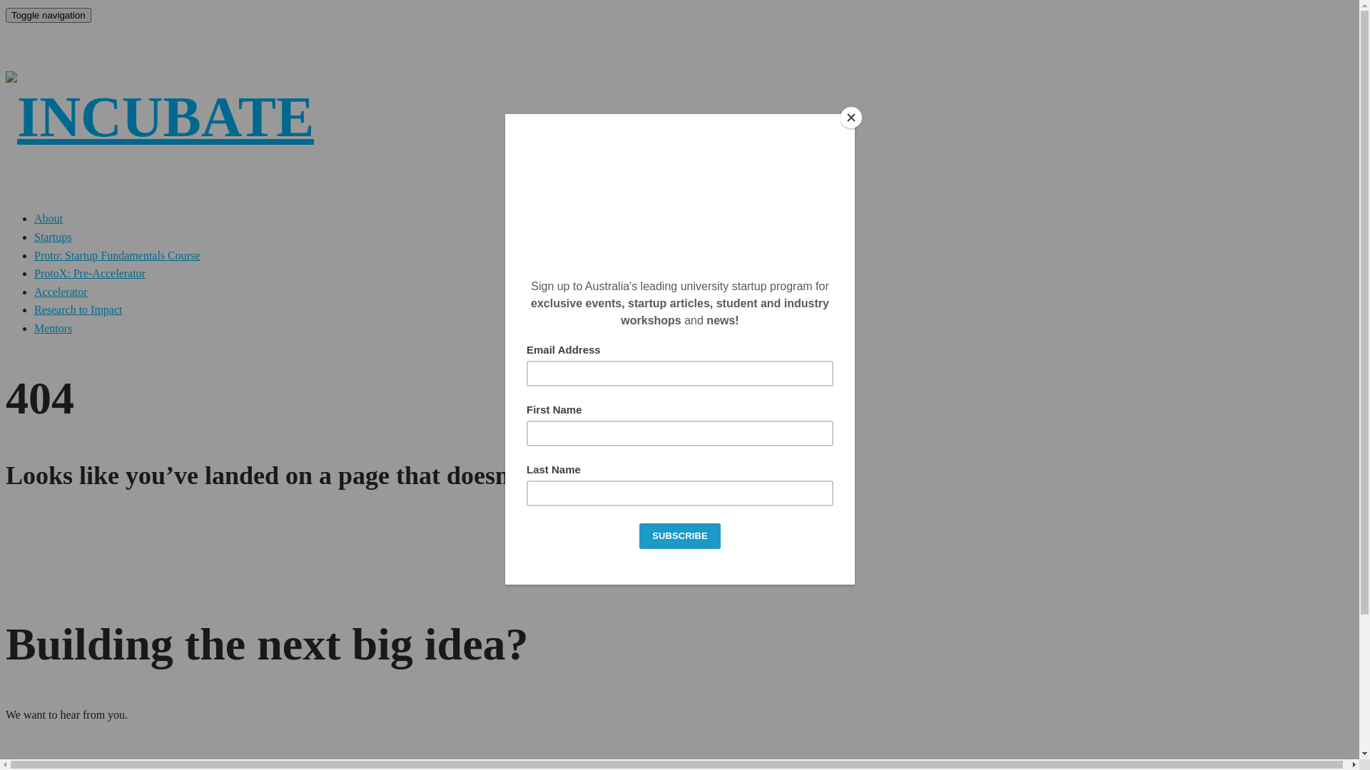 The width and height of the screenshot is (1370, 770). I want to click on 'About', so click(34, 218).